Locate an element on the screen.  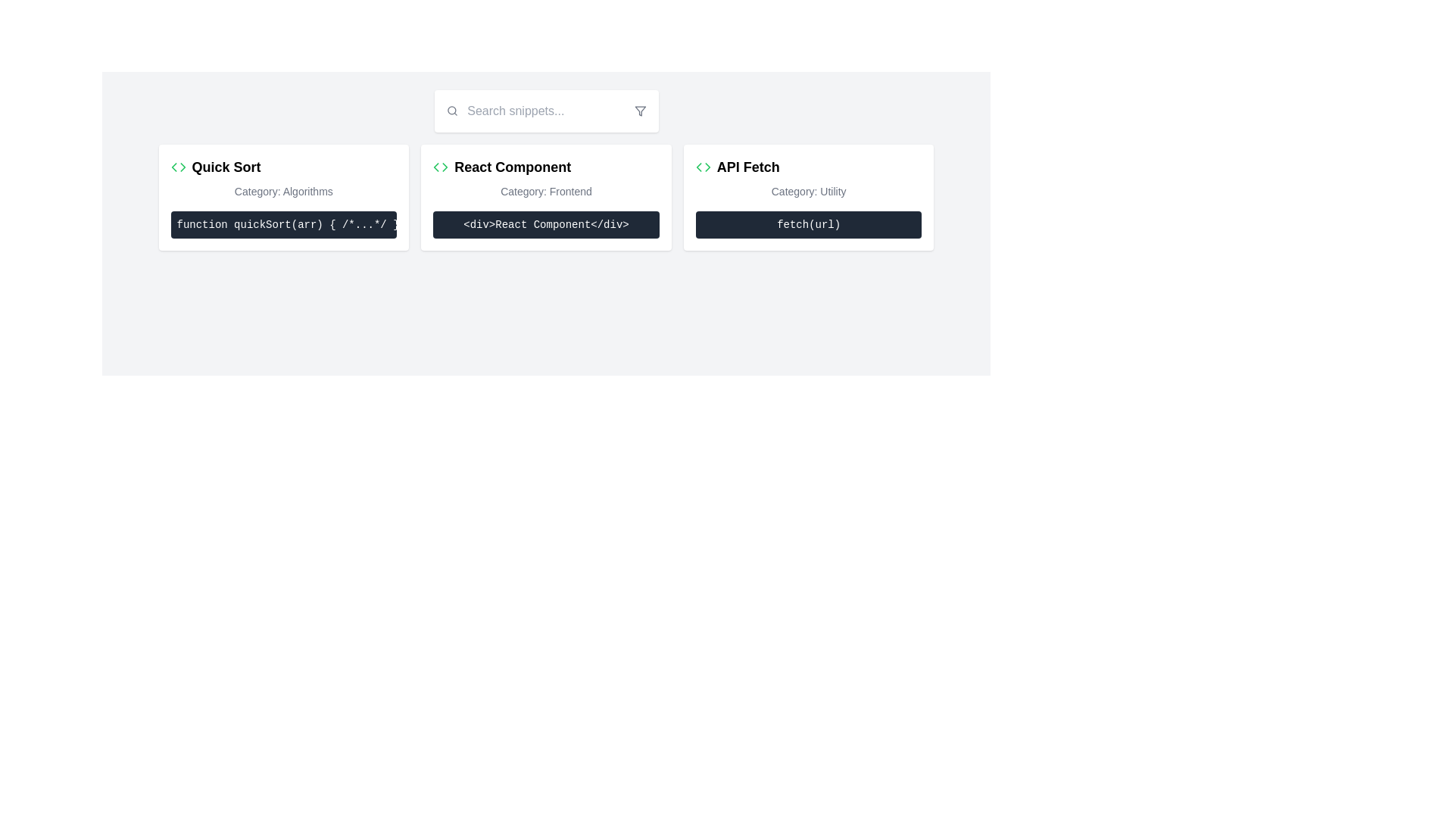
the coding/programming icon located to the left of the 'Quick Sort' text is located at coordinates (178, 167).